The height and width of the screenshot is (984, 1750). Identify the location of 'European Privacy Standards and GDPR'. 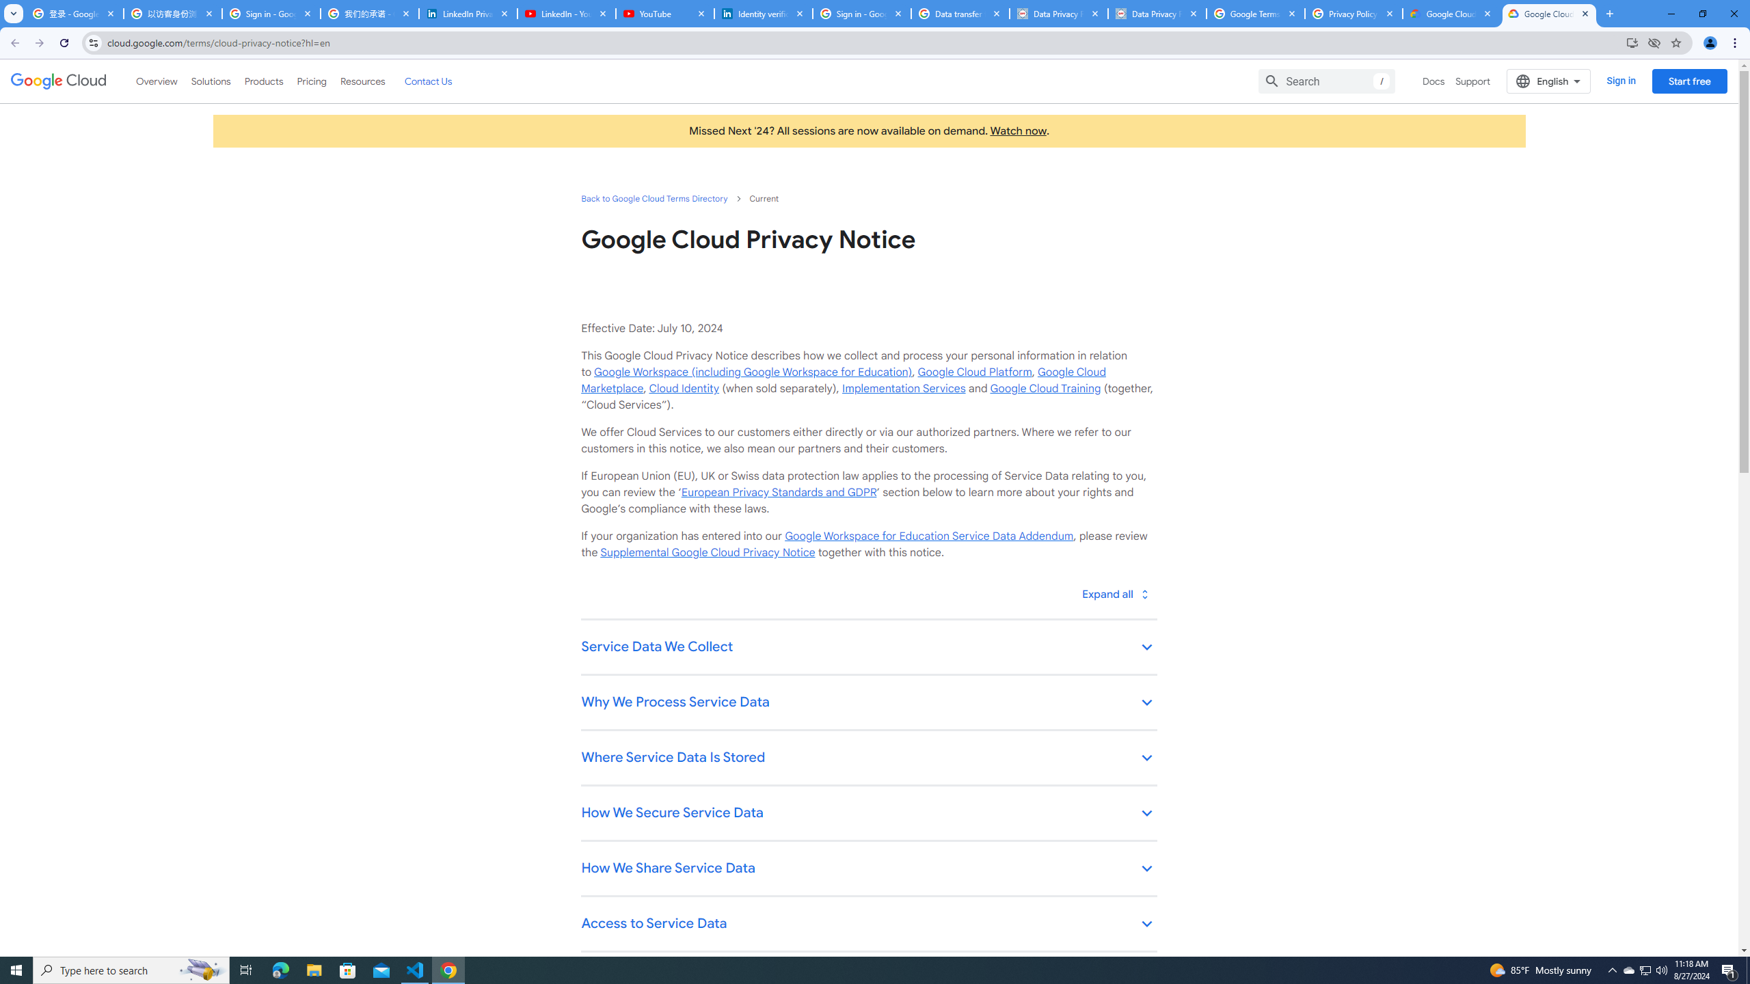
(778, 492).